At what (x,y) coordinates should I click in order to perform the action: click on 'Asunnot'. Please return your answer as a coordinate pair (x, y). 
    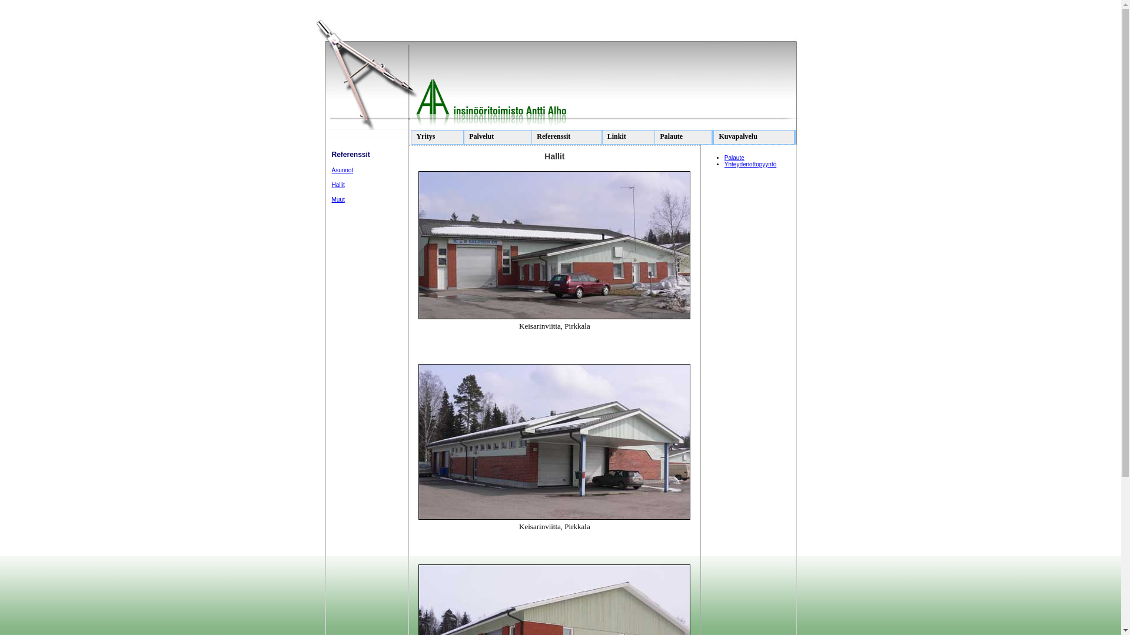
    Looking at the image, I should click on (331, 170).